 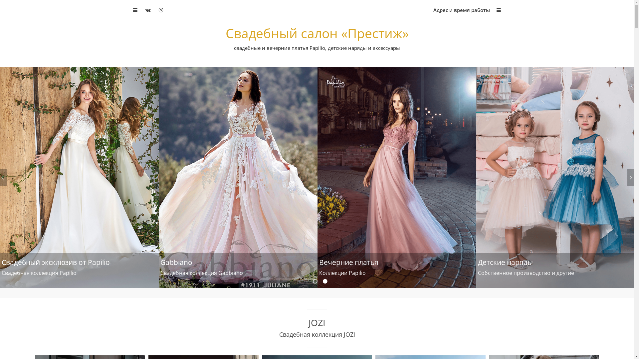 I want to click on '1', so click(x=315, y=281).